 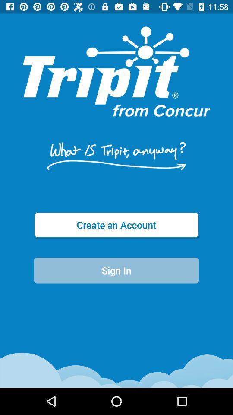 I want to click on the sign in item, so click(x=116, y=270).